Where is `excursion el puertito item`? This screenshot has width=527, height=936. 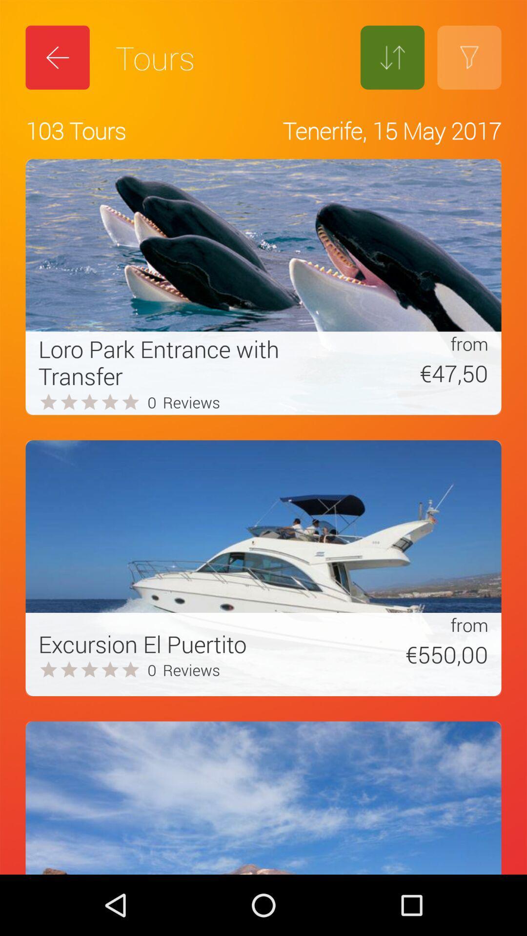 excursion el puertito item is located at coordinates (142, 644).